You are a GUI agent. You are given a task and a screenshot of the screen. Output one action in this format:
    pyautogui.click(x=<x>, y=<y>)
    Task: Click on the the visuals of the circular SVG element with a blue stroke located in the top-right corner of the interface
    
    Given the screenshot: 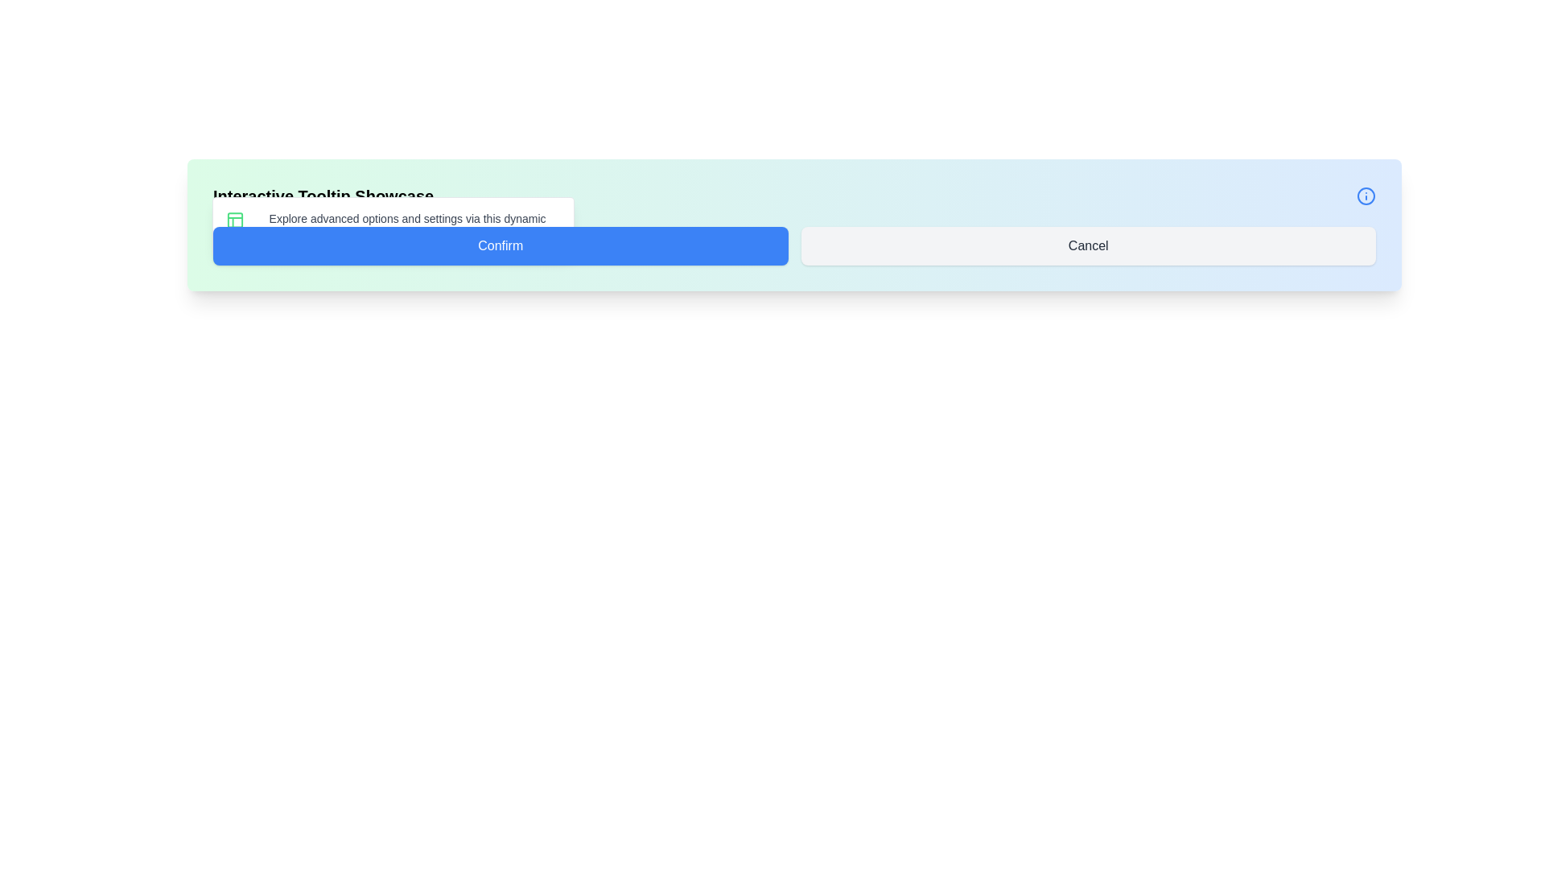 What is the action you would take?
    pyautogui.click(x=1366, y=195)
    